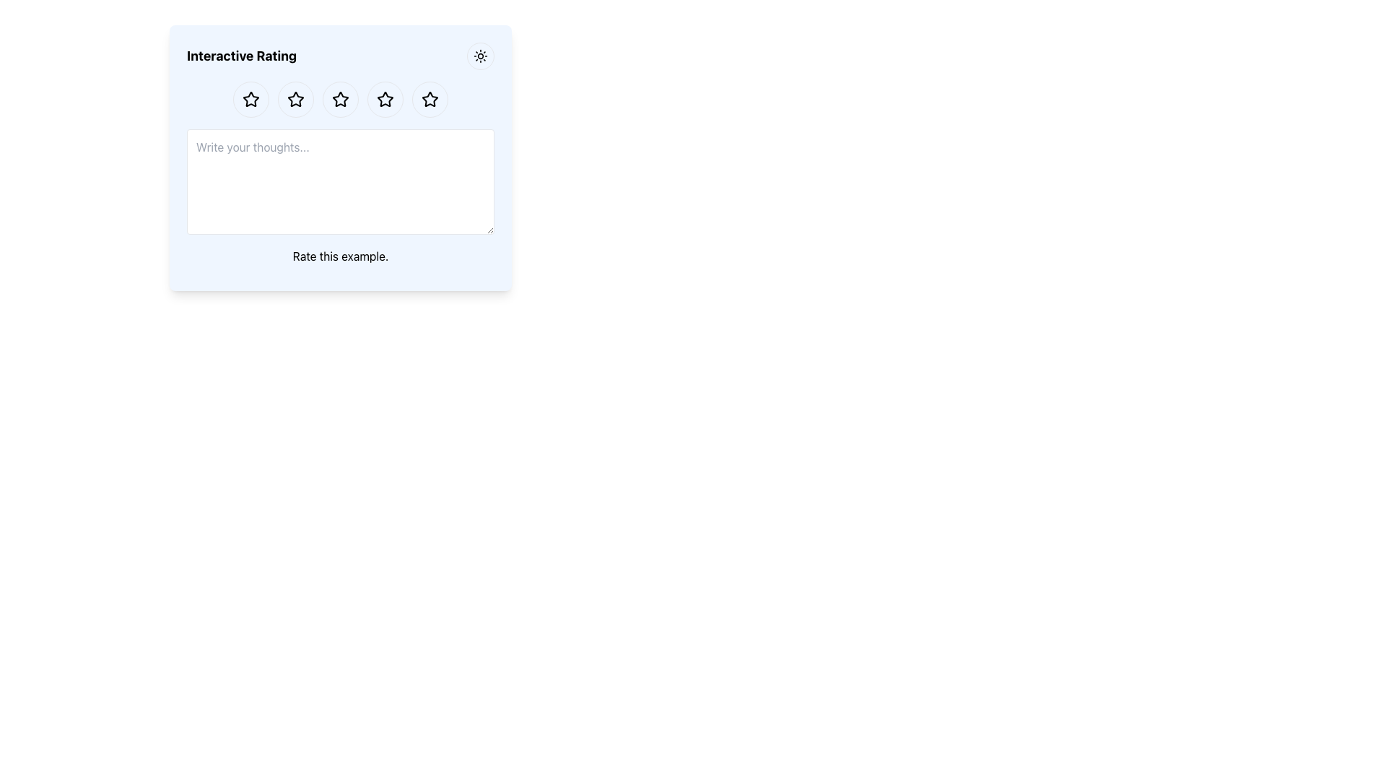 The image size is (1386, 780). Describe the element at coordinates (250, 99) in the screenshot. I see `the first interactive star icon in the rating component` at that location.